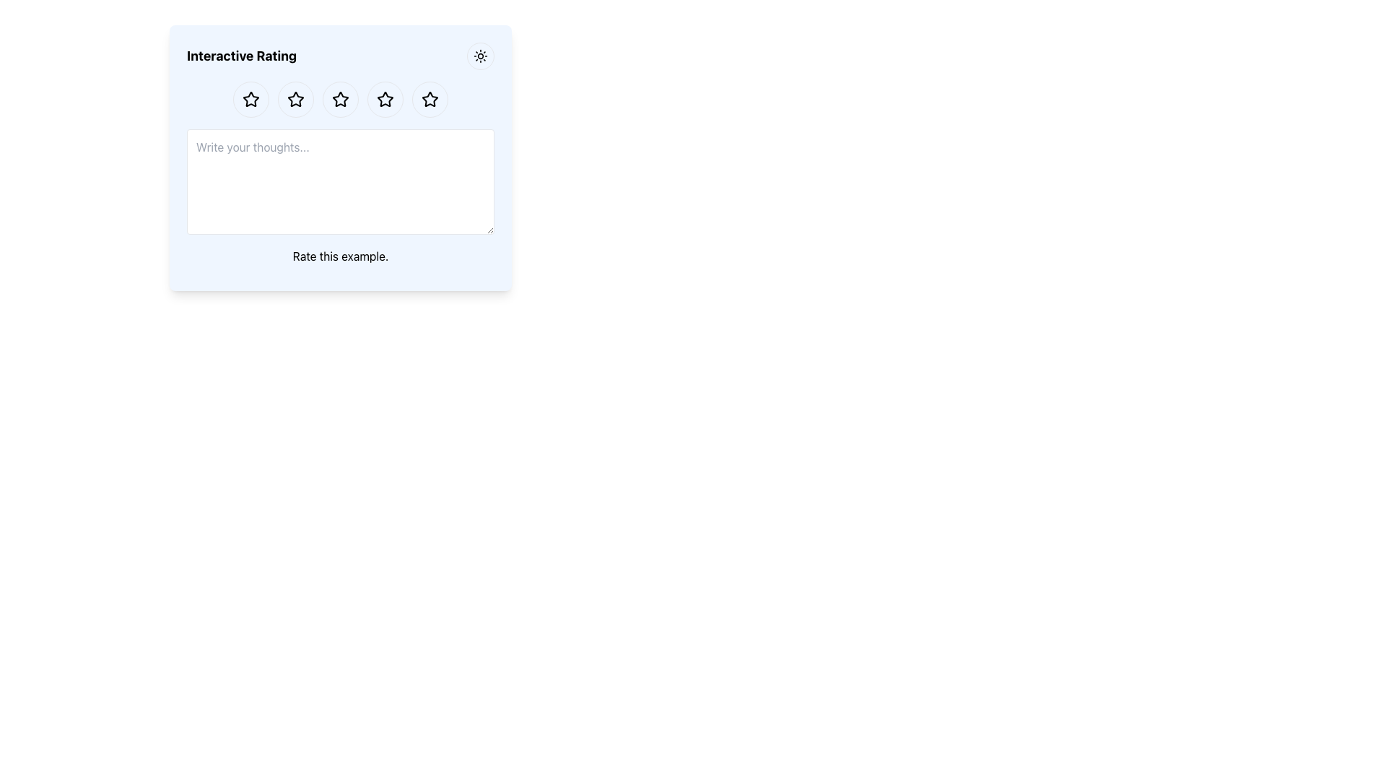 The image size is (1386, 780). Describe the element at coordinates (250, 99) in the screenshot. I see `the first interactive star icon in the rating component` at that location.